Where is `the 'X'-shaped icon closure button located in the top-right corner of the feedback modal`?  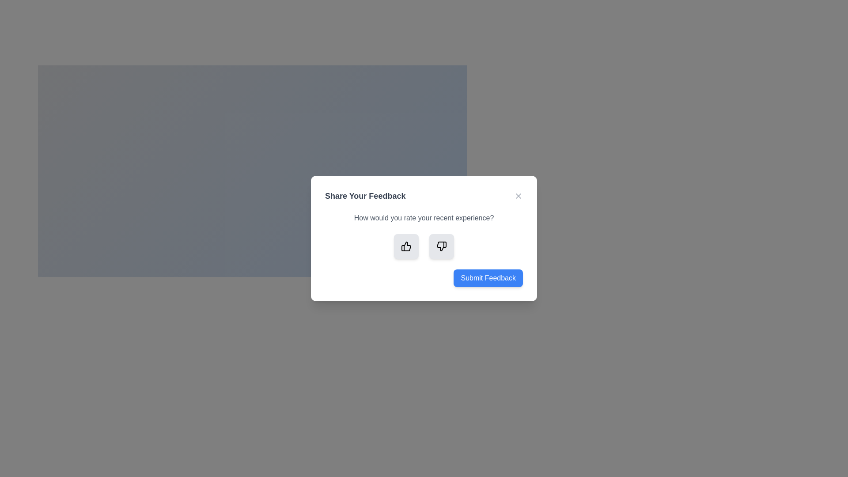
the 'X'-shaped icon closure button located in the top-right corner of the feedback modal is located at coordinates (519, 195).